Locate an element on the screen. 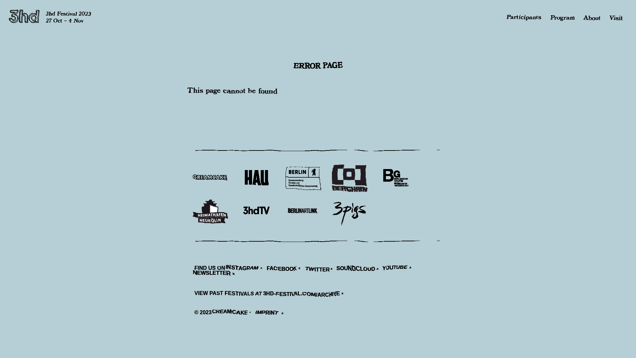  'TWITTER' is located at coordinates (305, 269).